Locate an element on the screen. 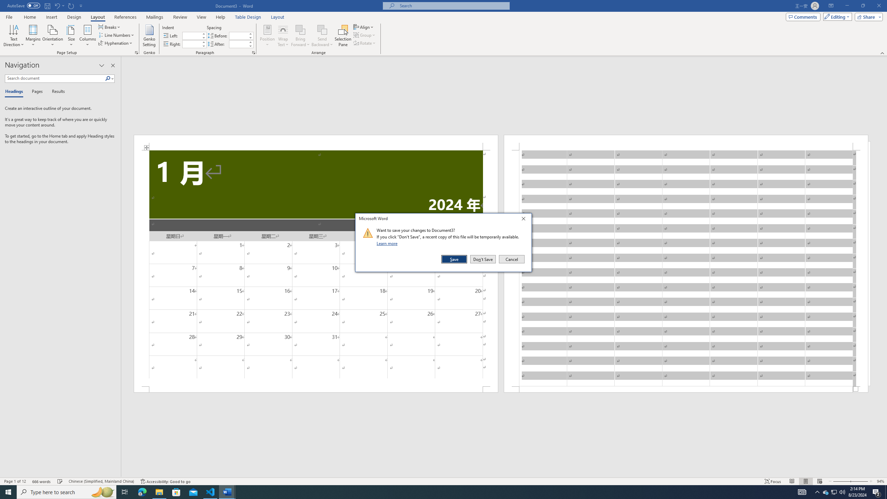  'Rotate' is located at coordinates (365, 42).